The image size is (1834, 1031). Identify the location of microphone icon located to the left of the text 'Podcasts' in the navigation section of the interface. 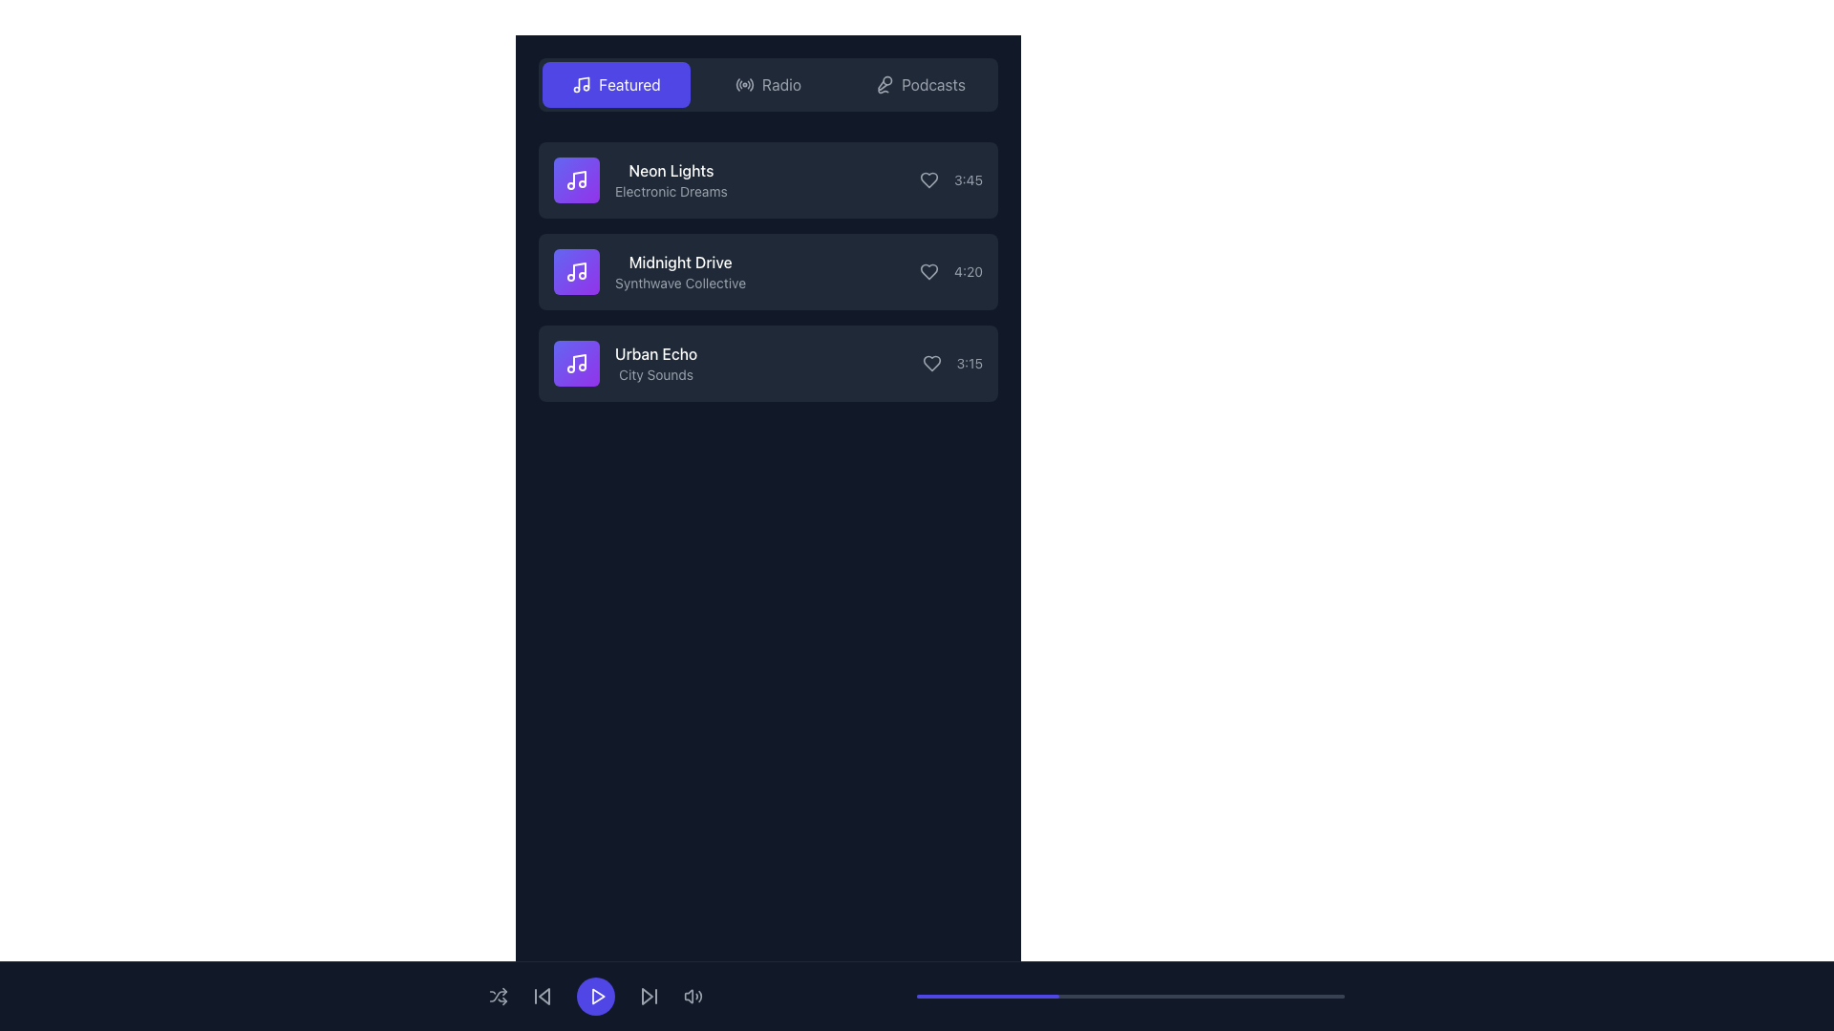
(884, 83).